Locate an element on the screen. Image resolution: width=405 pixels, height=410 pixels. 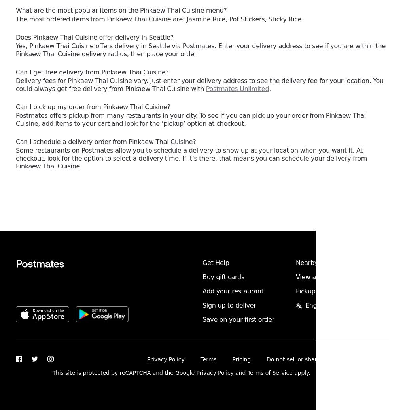
'The most ordered items from Pinkaew Thai Cuisine are: Jasmine Rice, Pot Stickers, Sticky Rice.' is located at coordinates (159, 19).